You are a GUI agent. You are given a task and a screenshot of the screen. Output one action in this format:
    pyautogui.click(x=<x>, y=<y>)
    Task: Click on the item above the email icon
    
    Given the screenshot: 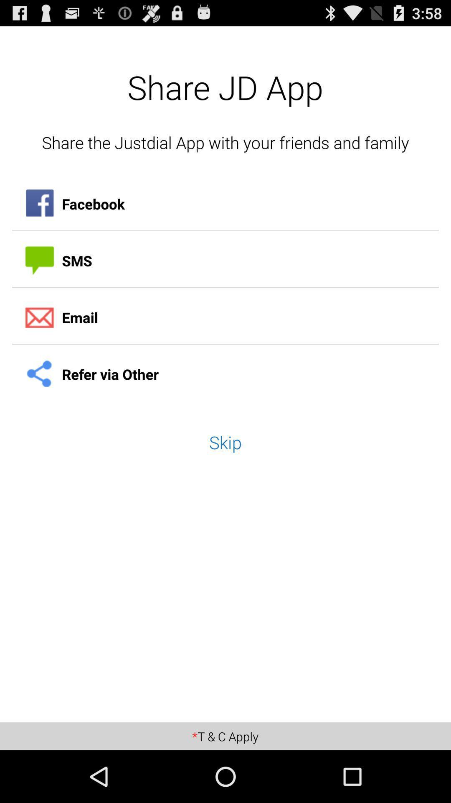 What is the action you would take?
    pyautogui.click(x=225, y=260)
    